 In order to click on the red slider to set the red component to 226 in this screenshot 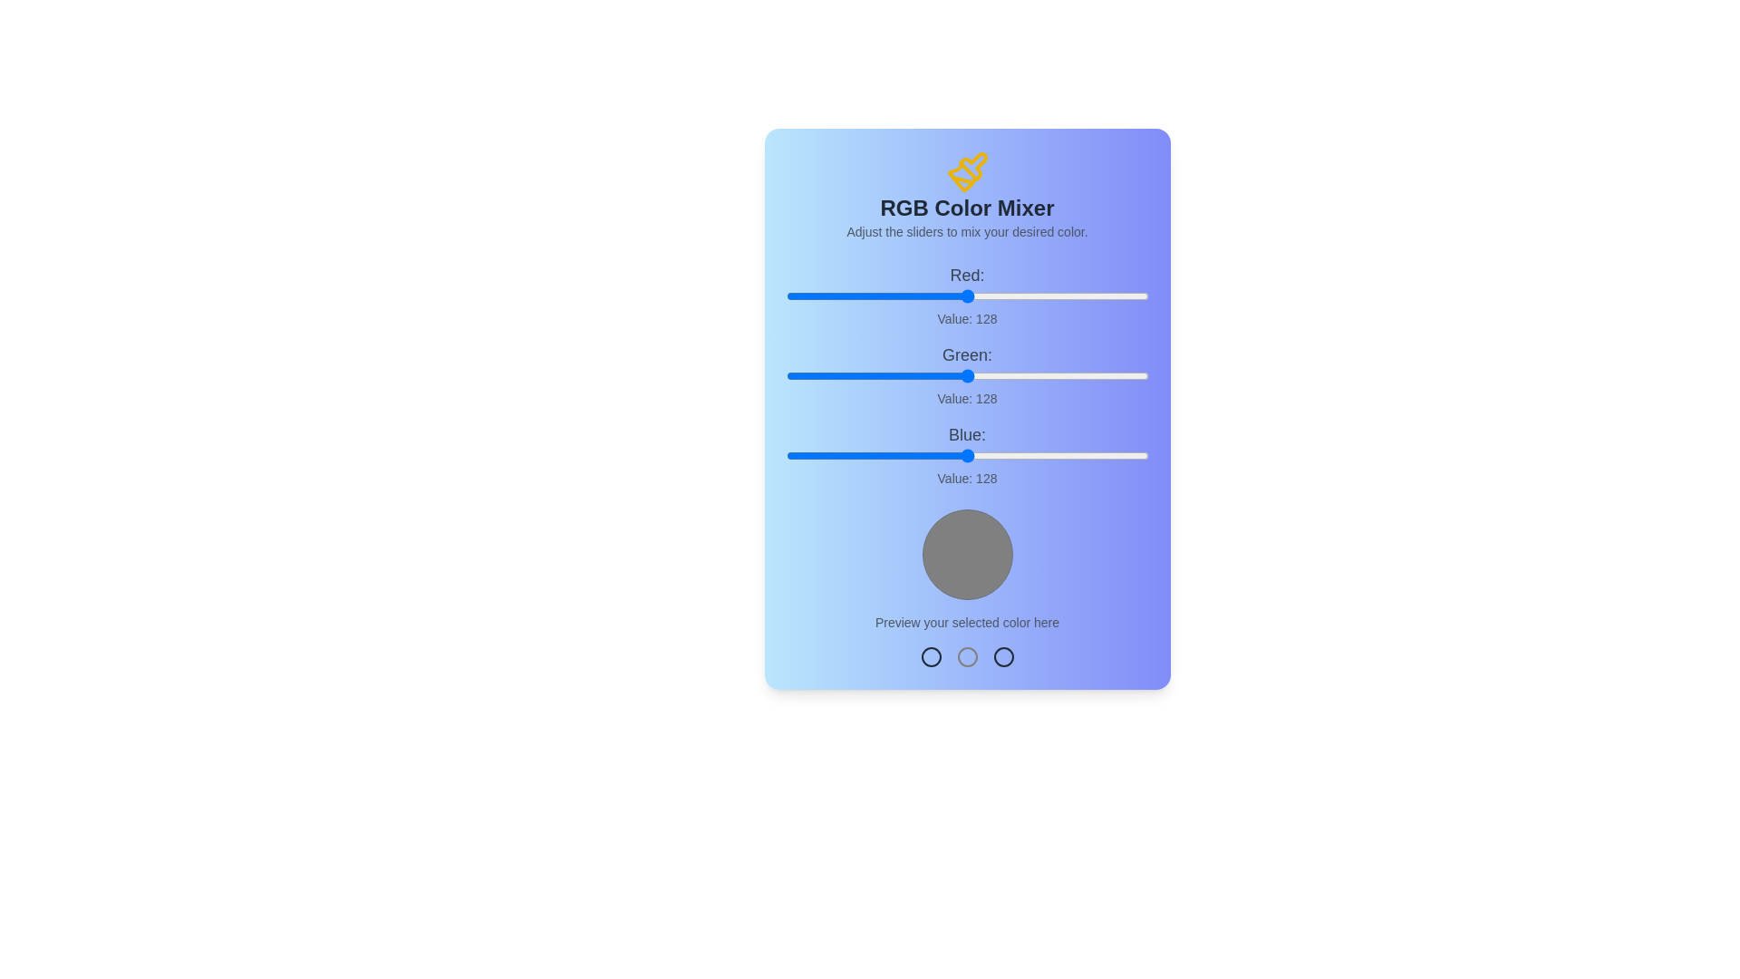, I will do `click(1107, 296)`.